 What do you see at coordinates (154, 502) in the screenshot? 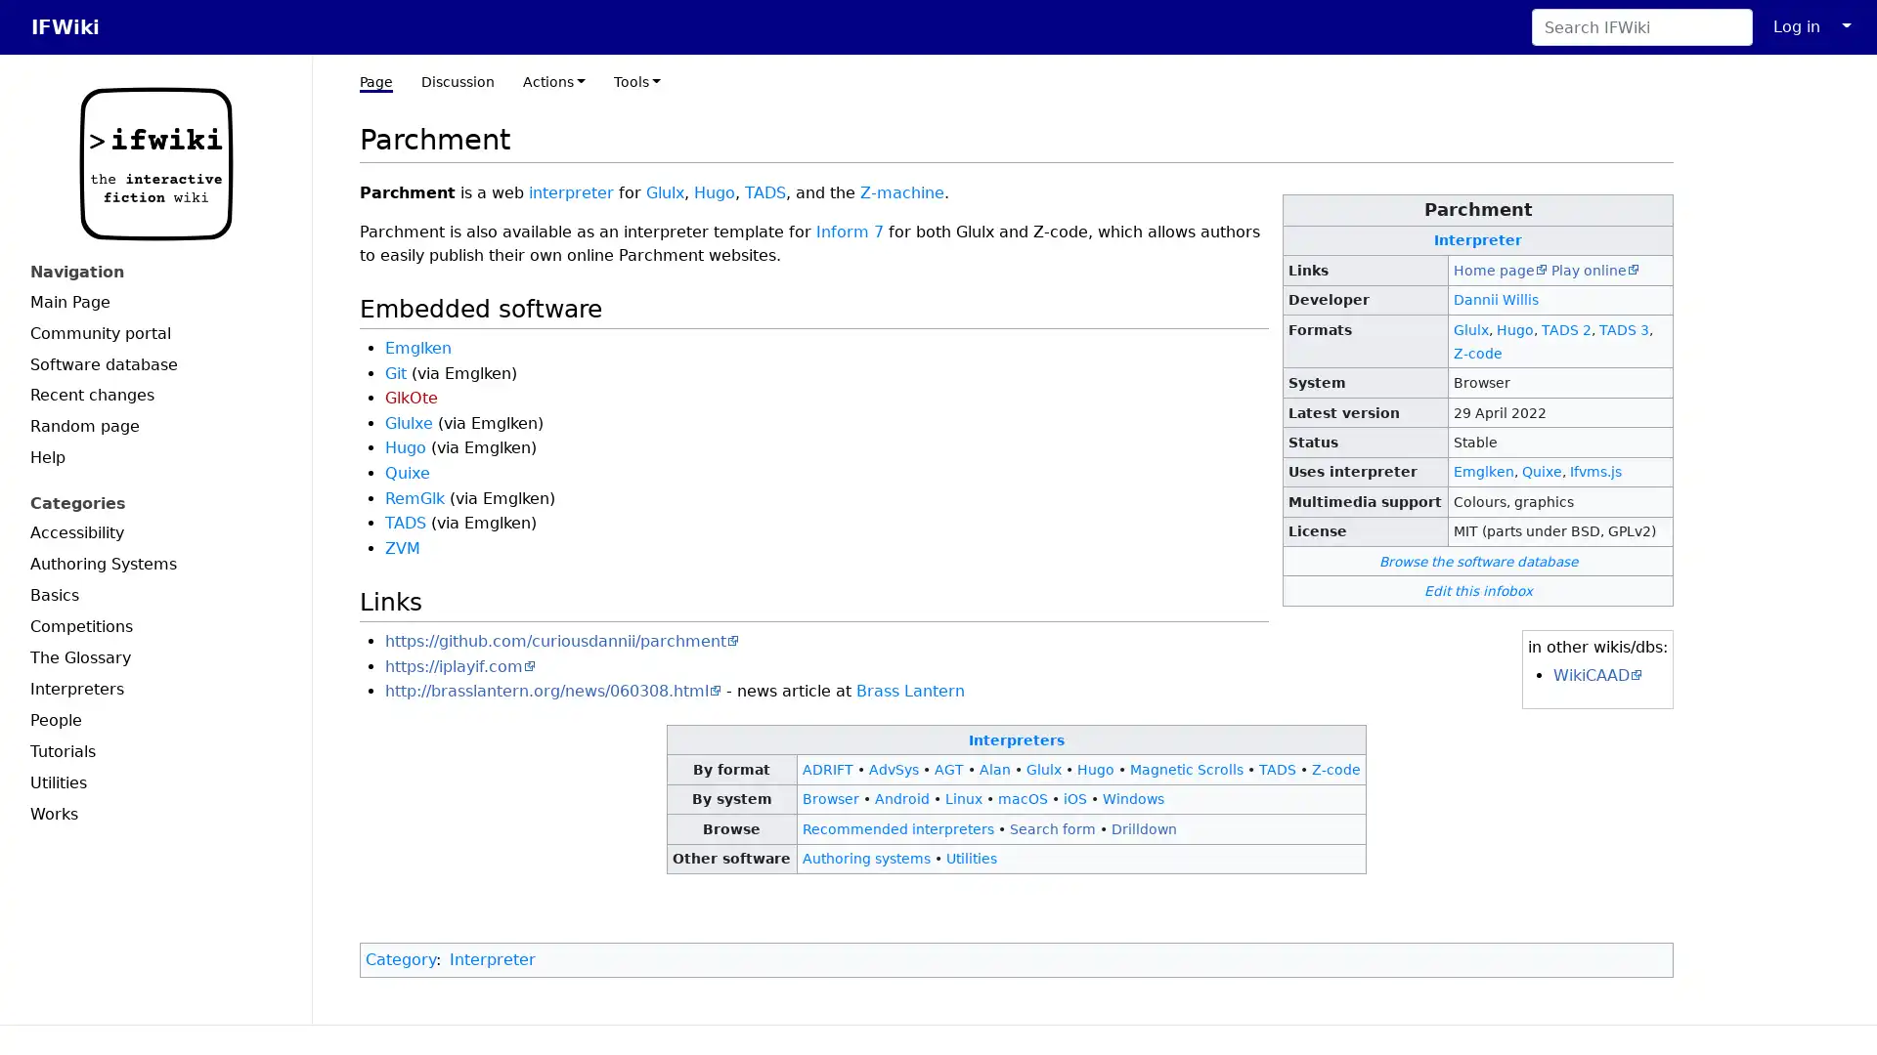
I see `Categories` at bounding box center [154, 502].